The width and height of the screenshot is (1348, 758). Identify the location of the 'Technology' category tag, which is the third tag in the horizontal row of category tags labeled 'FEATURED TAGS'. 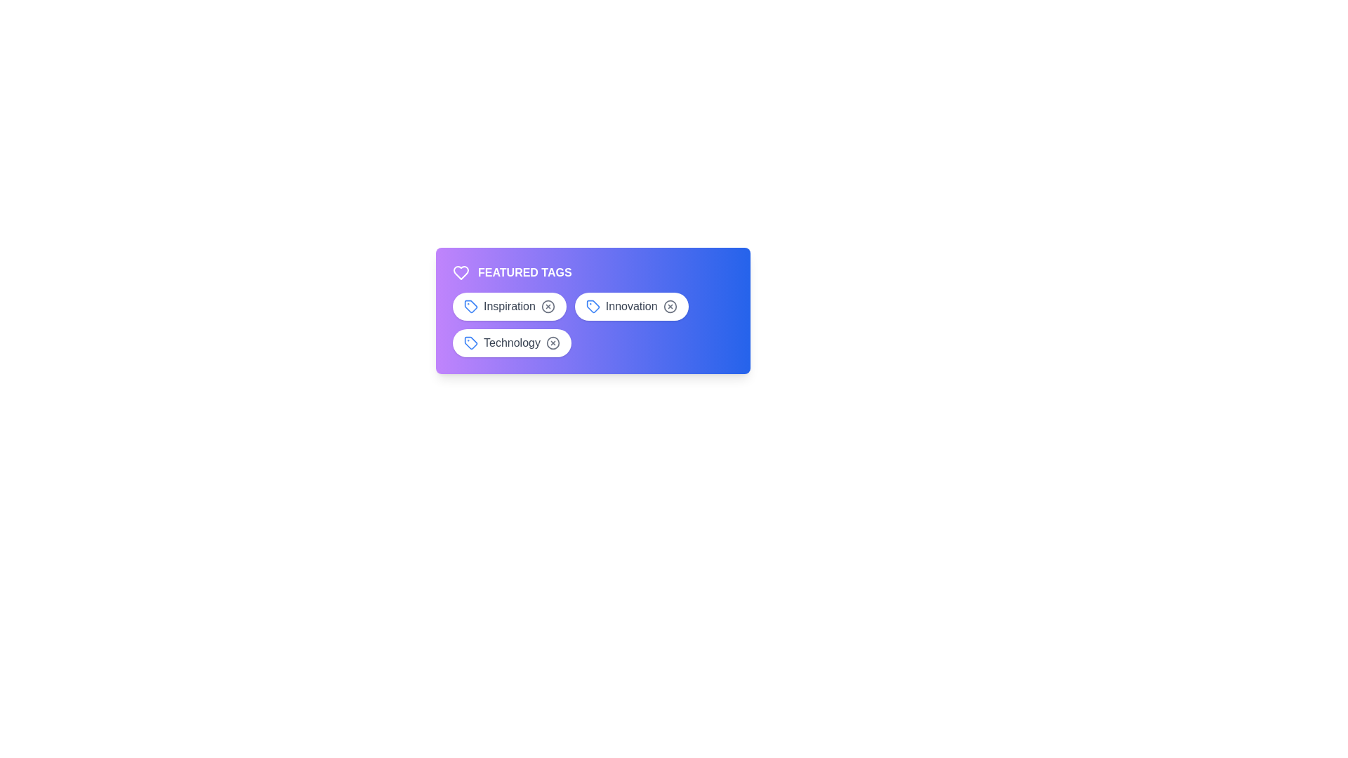
(511, 343).